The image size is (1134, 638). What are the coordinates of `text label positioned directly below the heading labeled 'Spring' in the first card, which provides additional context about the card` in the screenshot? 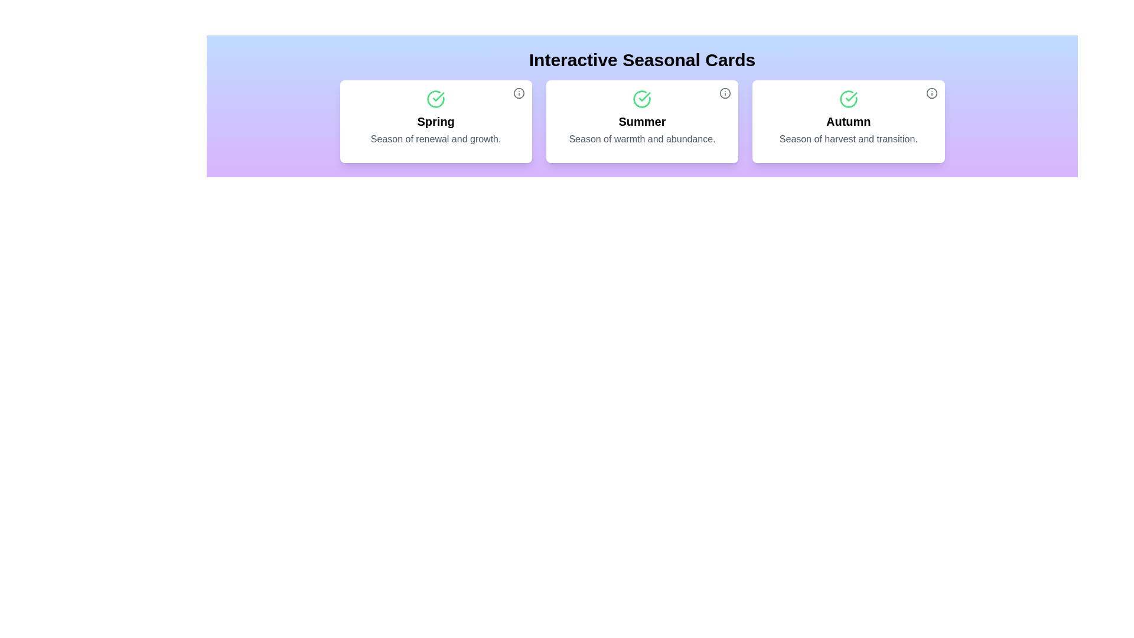 It's located at (435, 138).